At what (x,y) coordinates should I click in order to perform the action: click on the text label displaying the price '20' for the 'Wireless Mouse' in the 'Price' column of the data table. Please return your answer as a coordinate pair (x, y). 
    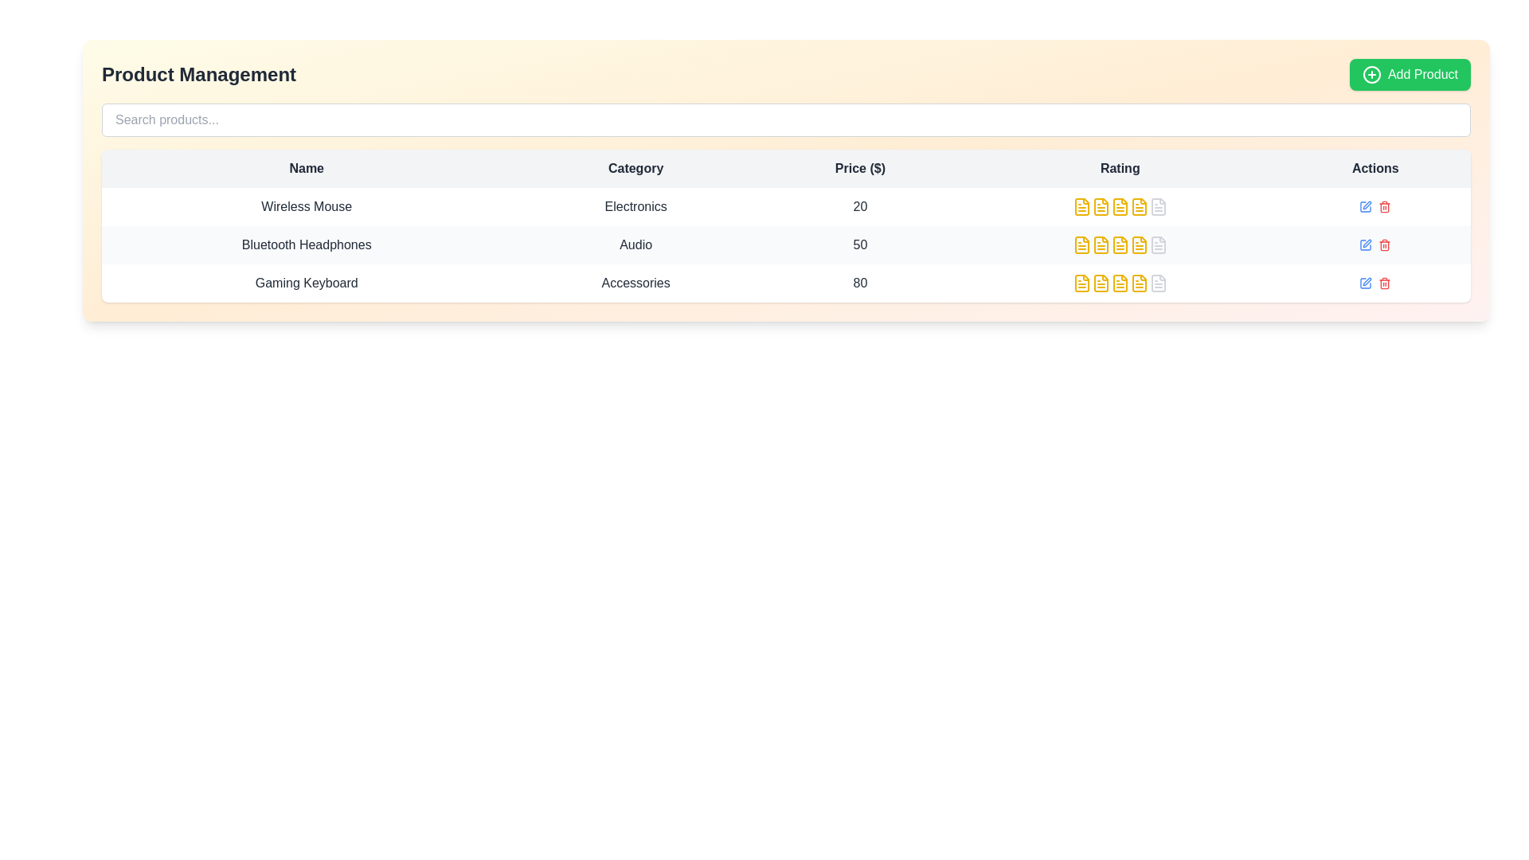
    Looking at the image, I should click on (859, 205).